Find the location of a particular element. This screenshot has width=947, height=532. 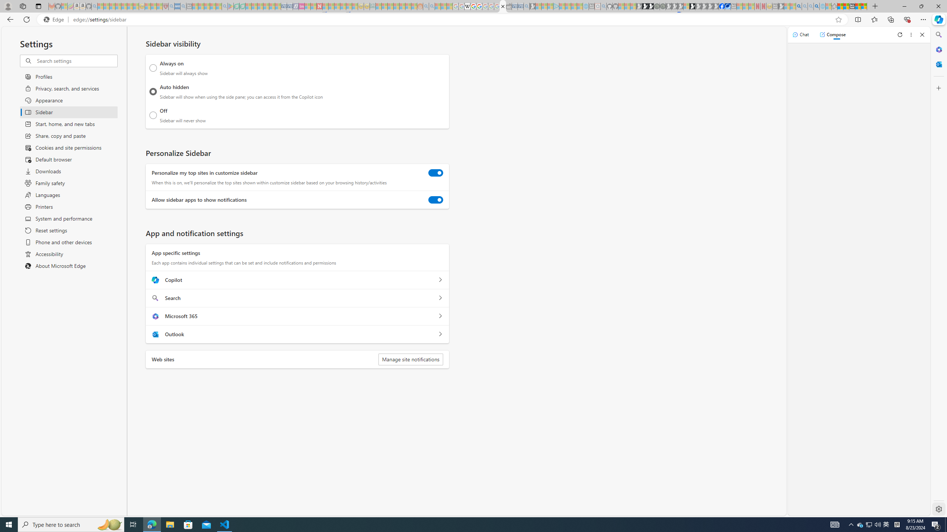

'utah sues federal government - Search - Sleeping' is located at coordinates (183, 6).